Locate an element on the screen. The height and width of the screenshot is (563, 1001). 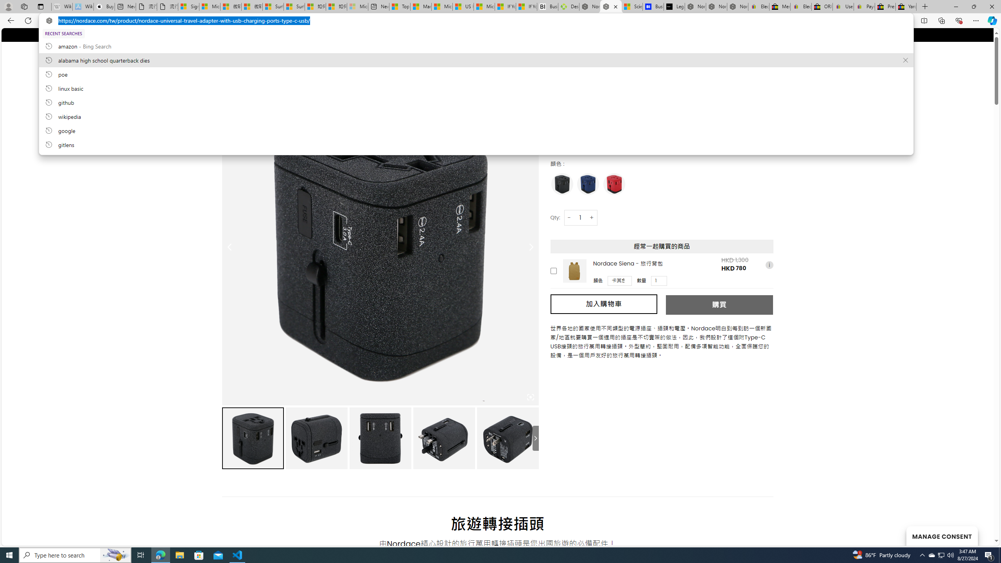
'+' is located at coordinates (592, 217).